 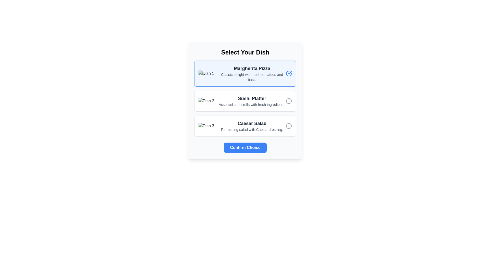 What do you see at coordinates (245, 101) in the screenshot?
I see `the 'Sushi Platter' selectable menu item with radio button` at bounding box center [245, 101].